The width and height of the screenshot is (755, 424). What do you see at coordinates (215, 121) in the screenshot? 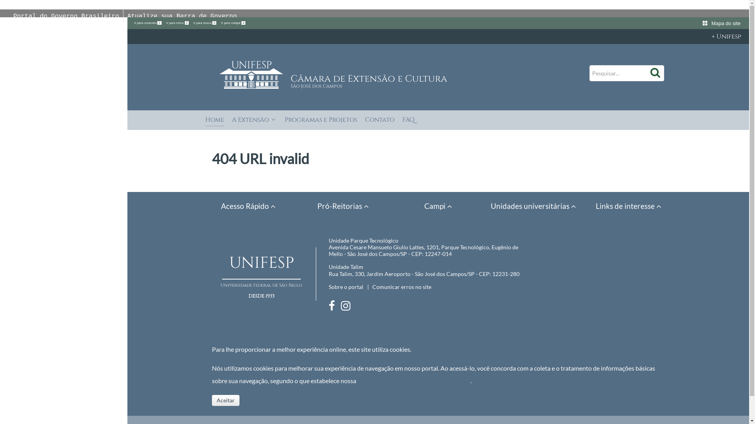
I see `'Home'` at bounding box center [215, 121].